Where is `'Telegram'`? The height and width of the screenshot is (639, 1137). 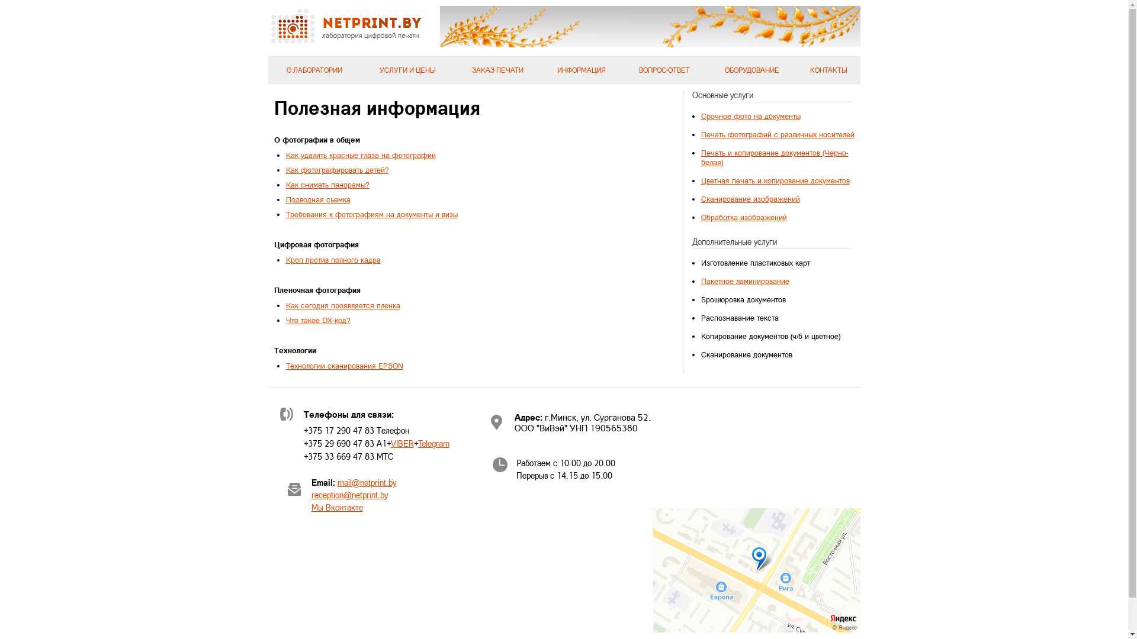
'Telegram' is located at coordinates (433, 443).